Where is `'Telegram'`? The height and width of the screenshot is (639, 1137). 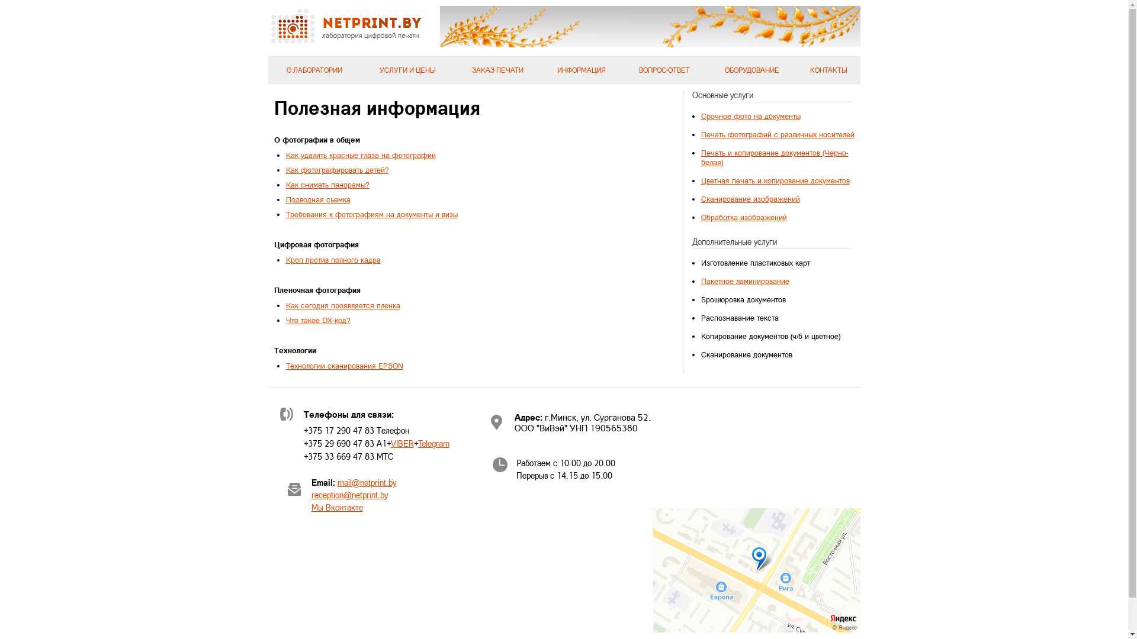
'Telegram' is located at coordinates (433, 443).